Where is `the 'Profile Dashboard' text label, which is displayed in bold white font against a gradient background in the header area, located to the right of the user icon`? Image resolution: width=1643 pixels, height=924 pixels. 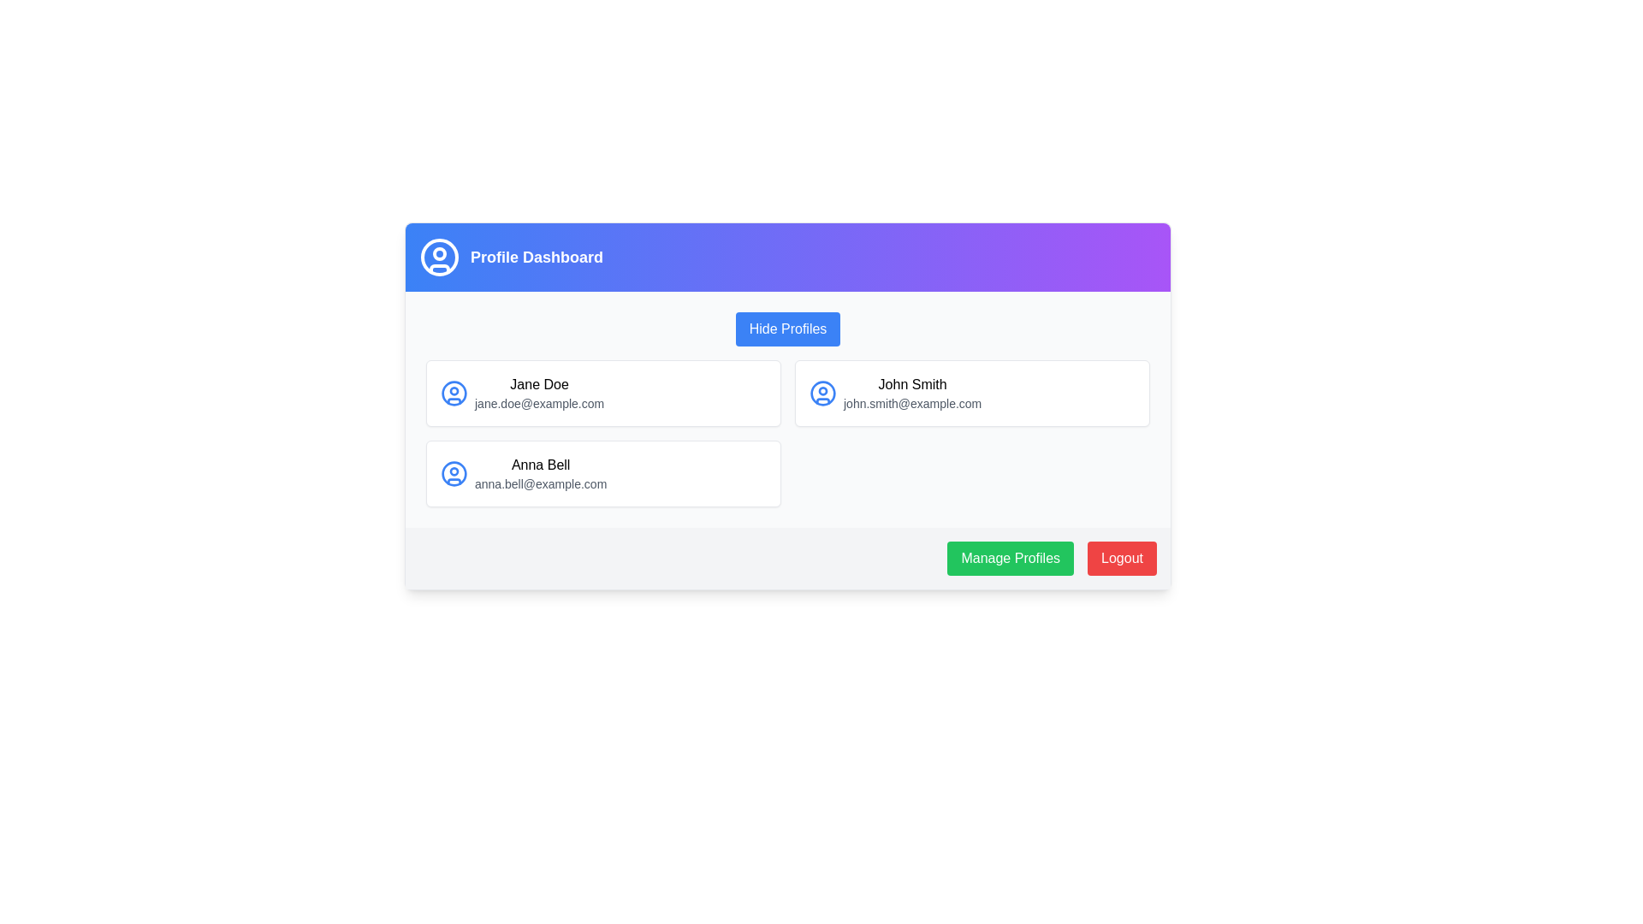 the 'Profile Dashboard' text label, which is displayed in bold white font against a gradient background in the header area, located to the right of the user icon is located at coordinates (536, 257).